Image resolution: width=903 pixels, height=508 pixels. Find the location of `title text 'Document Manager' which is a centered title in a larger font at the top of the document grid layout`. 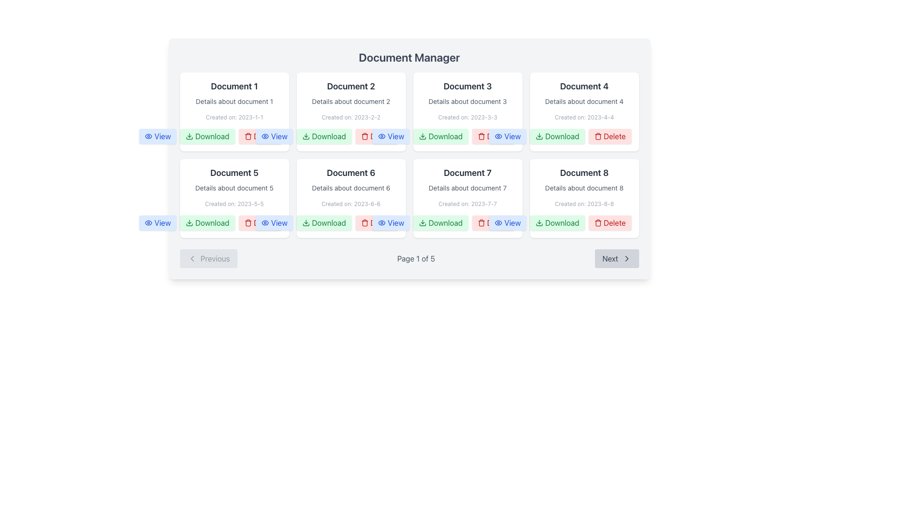

title text 'Document Manager' which is a centered title in a larger font at the top of the document grid layout is located at coordinates (409, 57).